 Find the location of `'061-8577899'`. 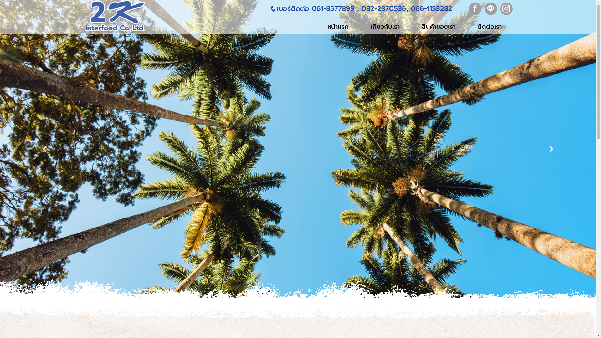

'061-8577899' is located at coordinates (309, 8).